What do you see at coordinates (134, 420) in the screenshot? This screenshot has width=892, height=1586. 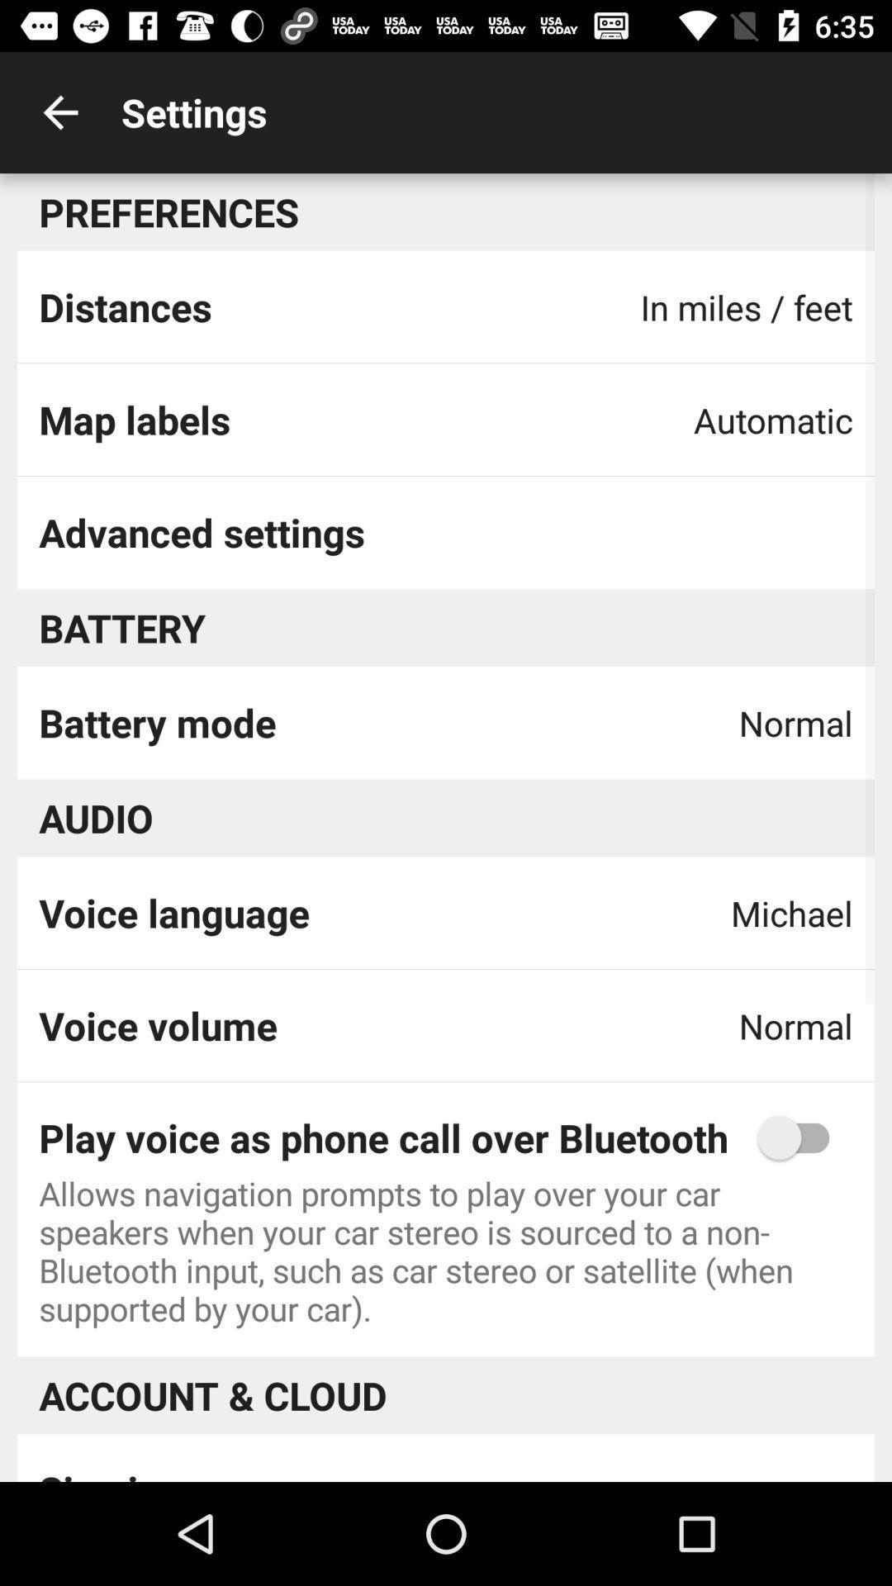 I see `the item to the left of the automatic icon` at bounding box center [134, 420].